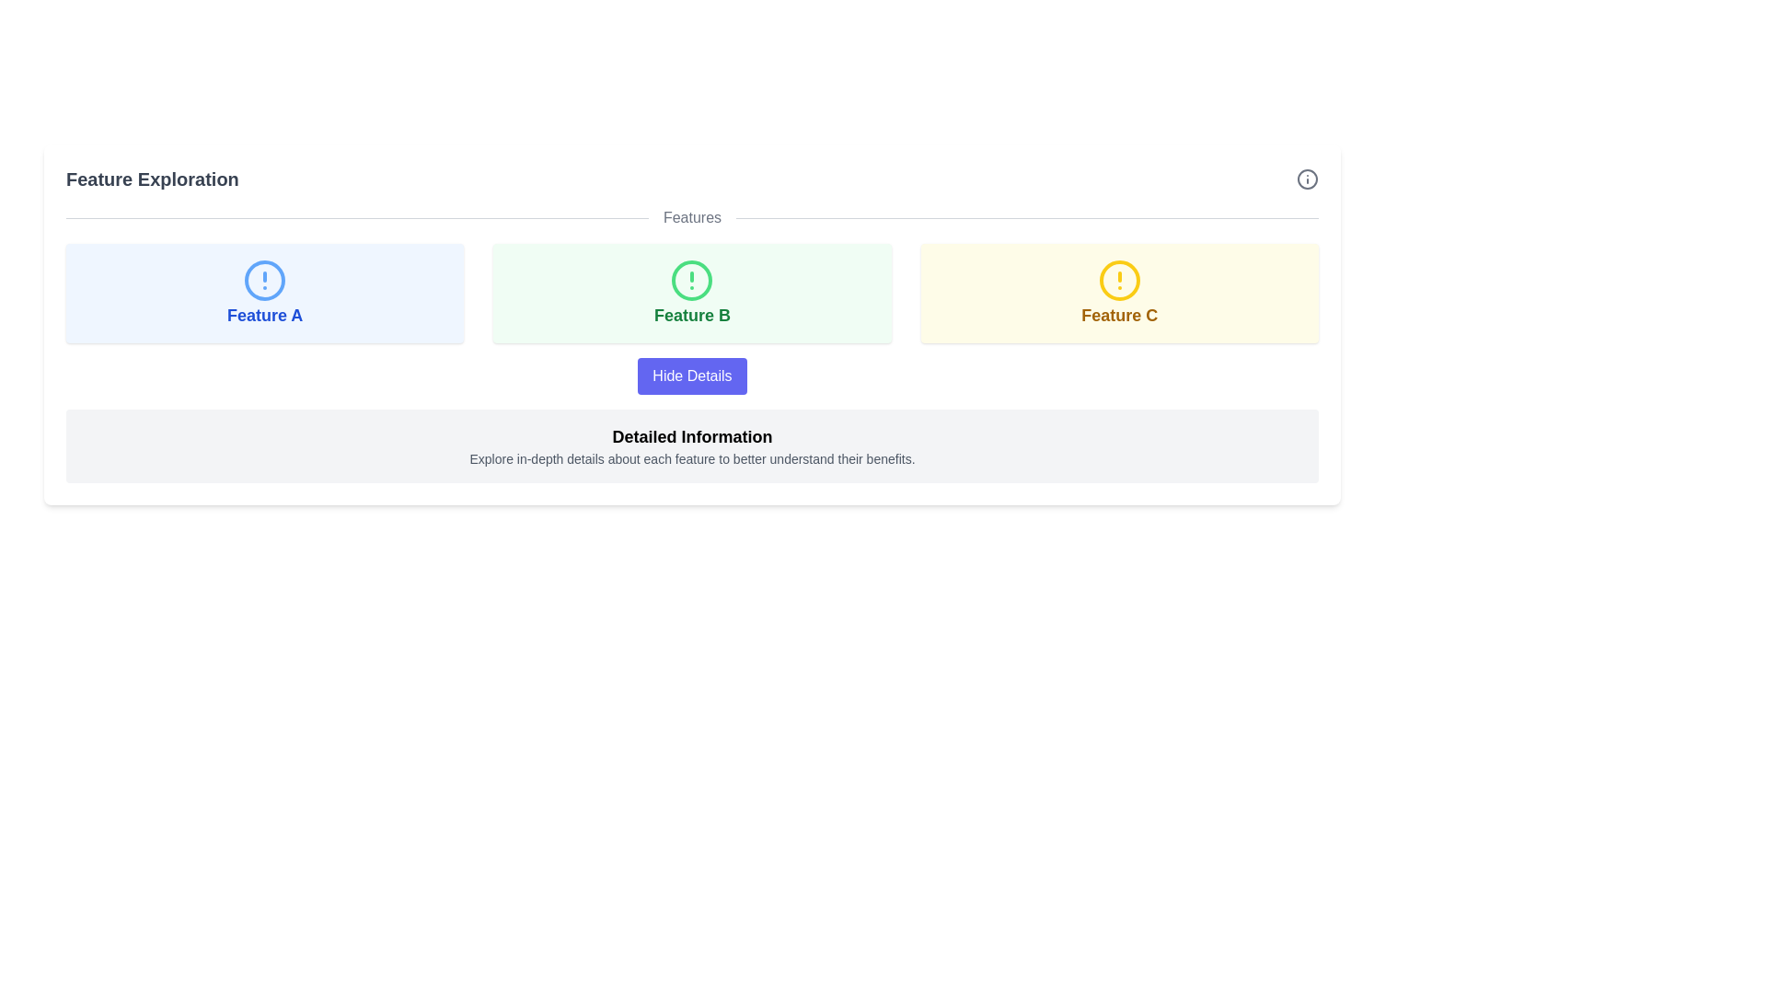  Describe the element at coordinates (691, 315) in the screenshot. I see `the Text Label for 'Feature B', which is centrally located in a row of feature containers with a light green background` at that location.